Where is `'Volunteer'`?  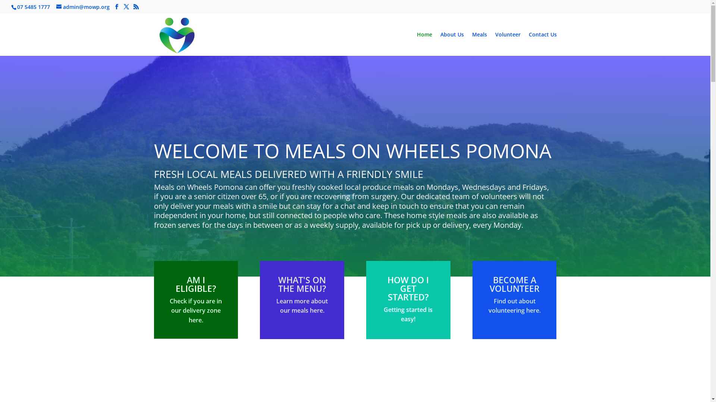
'Volunteer' is located at coordinates (508, 44).